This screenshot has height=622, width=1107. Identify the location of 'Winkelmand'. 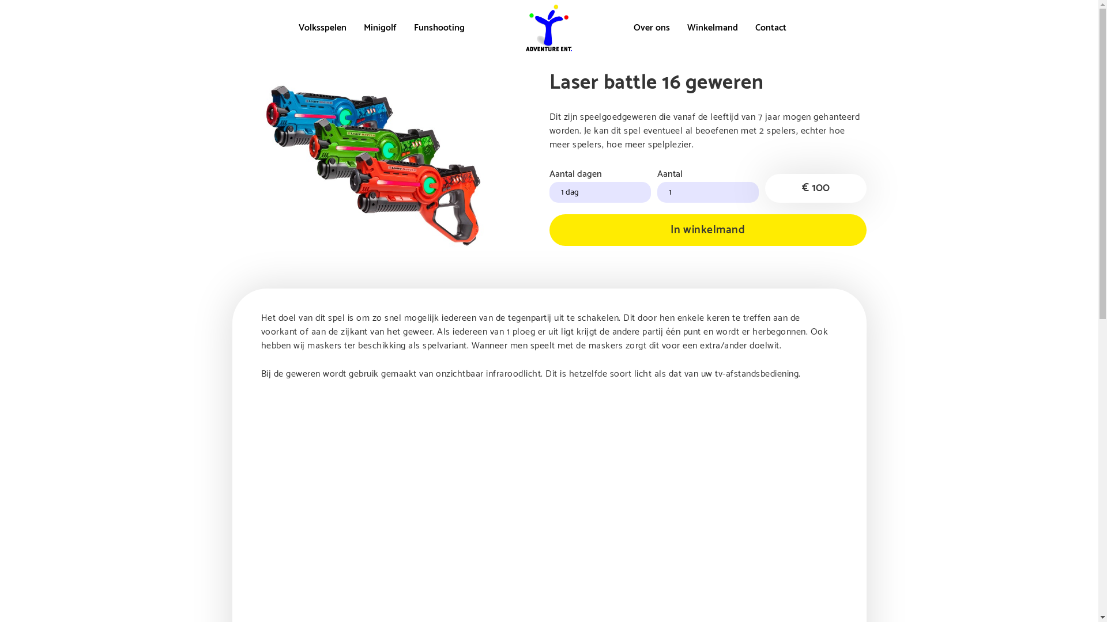
(712, 27).